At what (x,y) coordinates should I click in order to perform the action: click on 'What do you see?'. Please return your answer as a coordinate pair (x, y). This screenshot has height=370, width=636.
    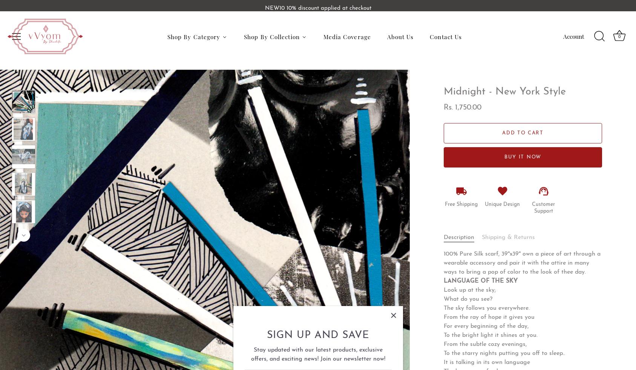
    Looking at the image, I should click on (467, 298).